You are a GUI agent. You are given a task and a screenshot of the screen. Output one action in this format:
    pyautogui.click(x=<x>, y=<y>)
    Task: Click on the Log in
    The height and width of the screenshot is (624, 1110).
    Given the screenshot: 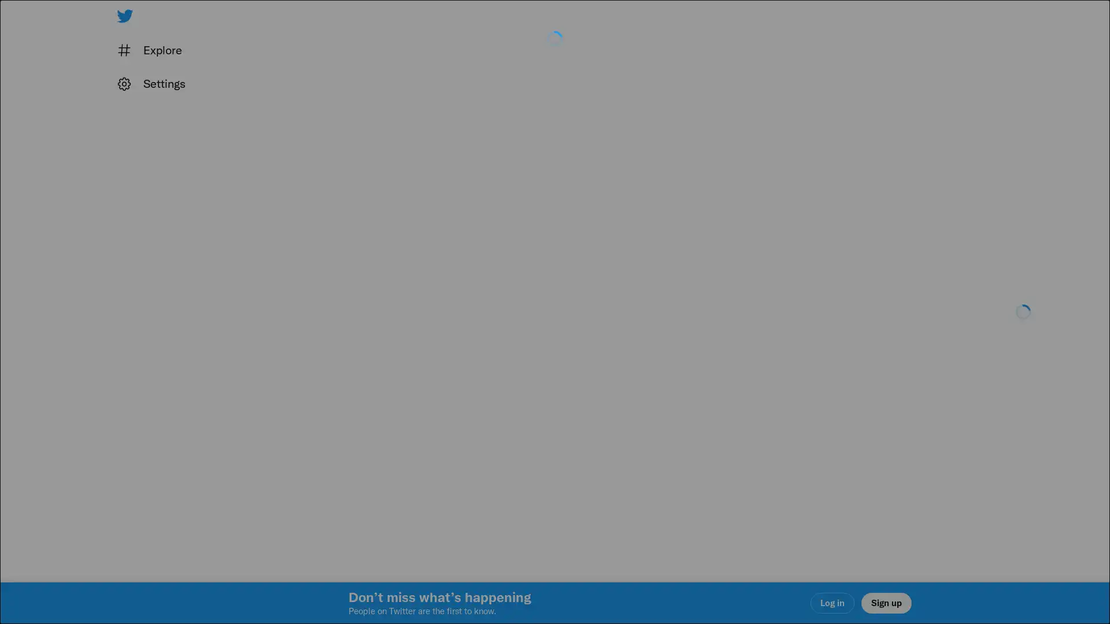 What is the action you would take?
    pyautogui.click(x=694, y=393)
    